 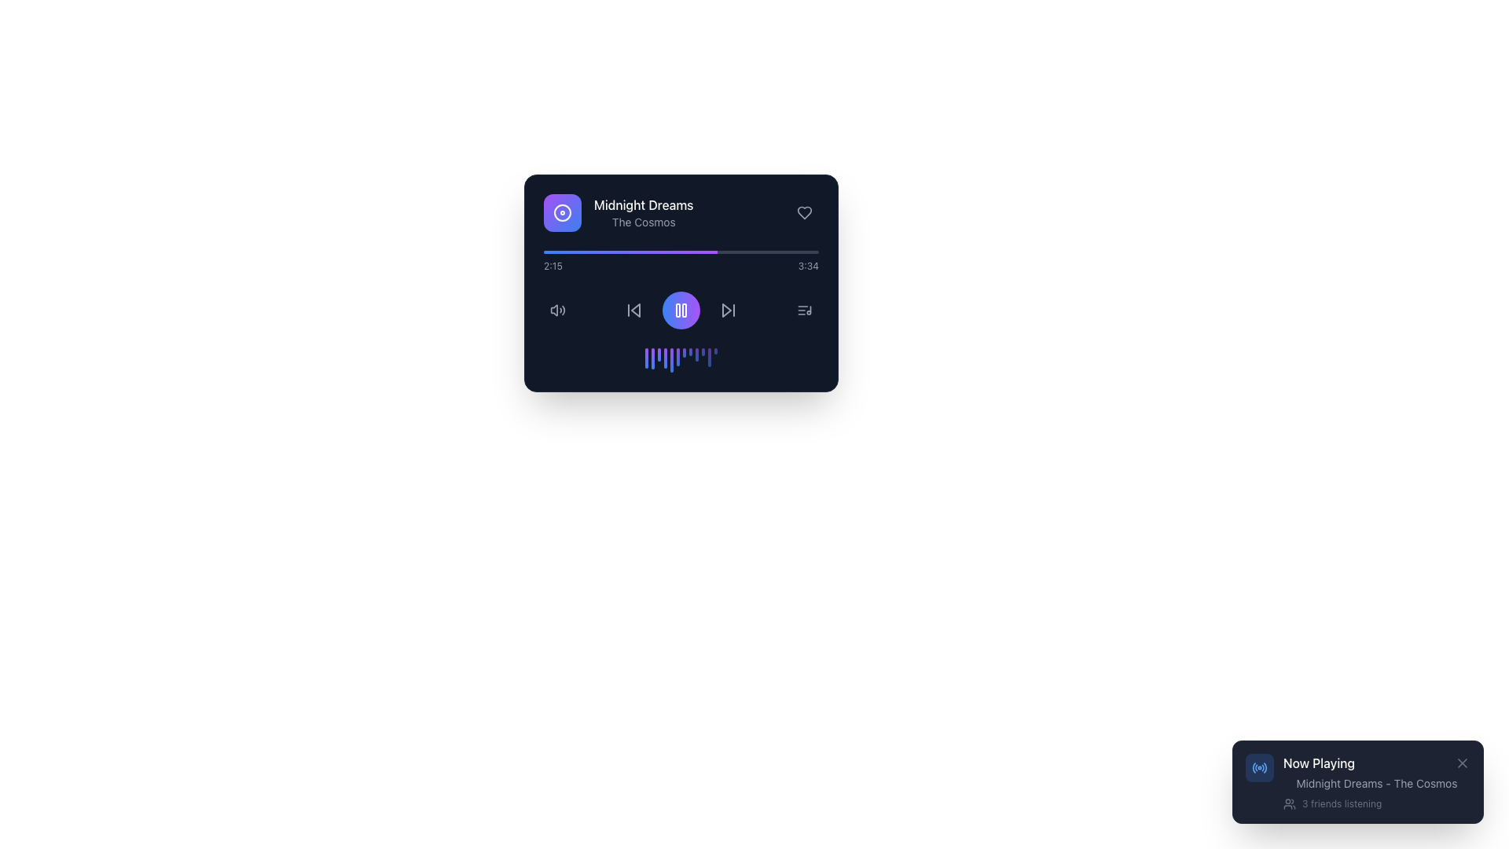 What do you see at coordinates (708, 358) in the screenshot?
I see `the eleventh vertical audio visualizer bar located at the bottom of the music player interface, which indicates audio levels or rhythm visualization` at bounding box center [708, 358].